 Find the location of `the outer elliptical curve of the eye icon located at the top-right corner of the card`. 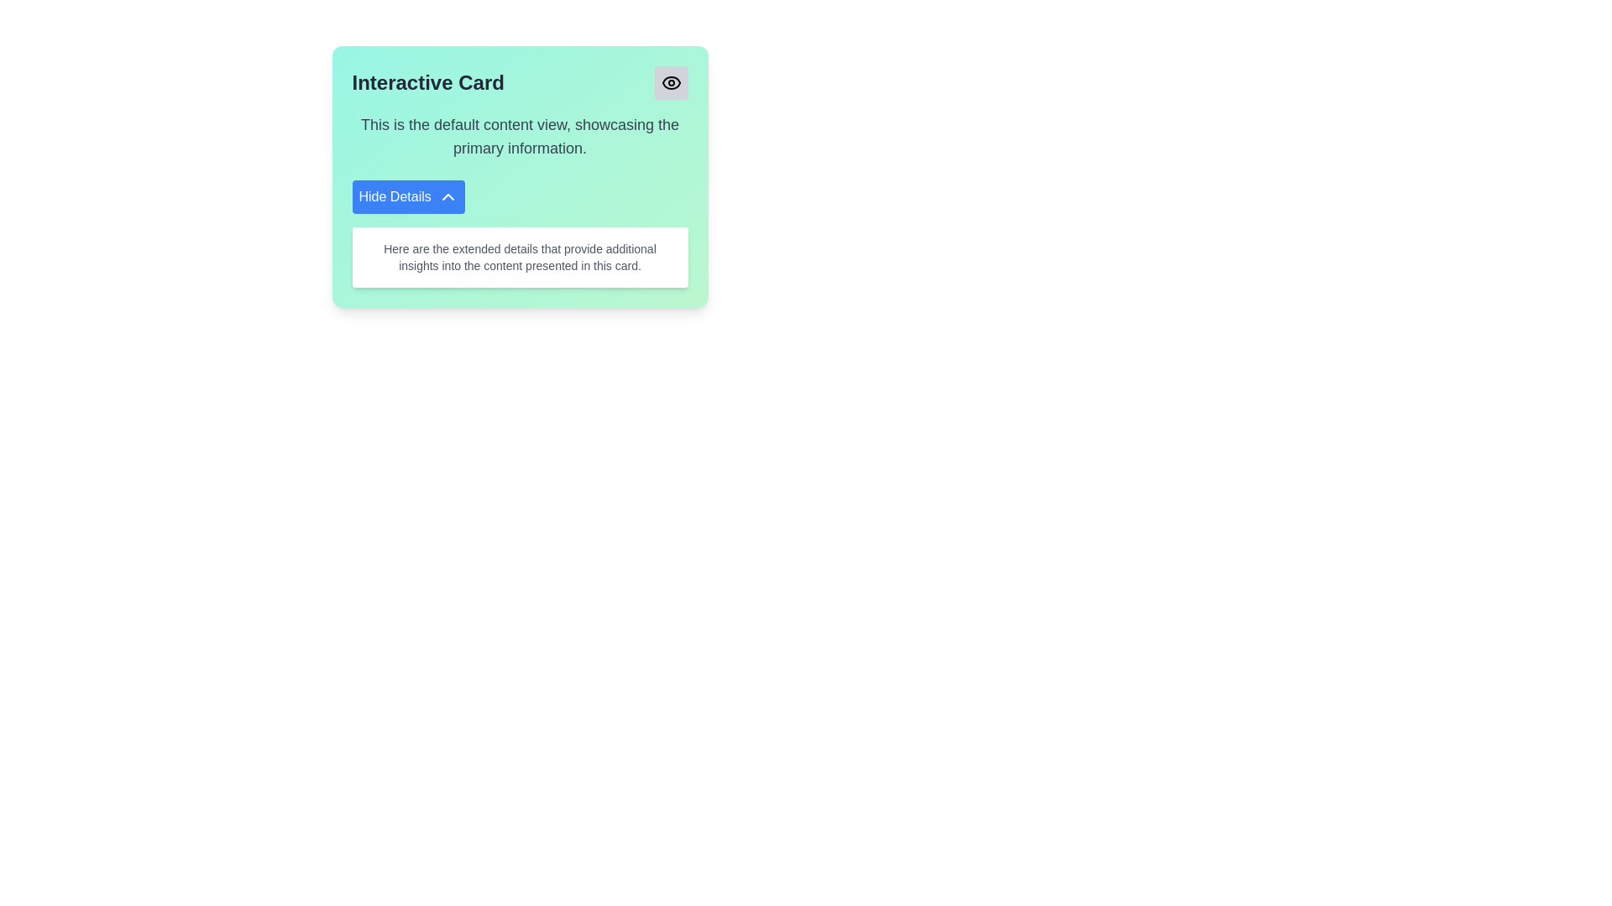

the outer elliptical curve of the eye icon located at the top-right corner of the card is located at coordinates (670, 83).